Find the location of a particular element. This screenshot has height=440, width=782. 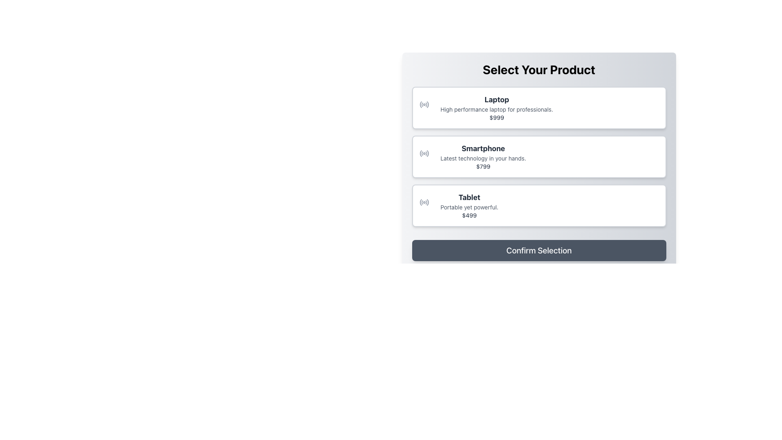

bold text label 'Smartphone' which is located in the second selectable option of the product choices list, positioned above the descriptive text and pricing information is located at coordinates (483, 149).